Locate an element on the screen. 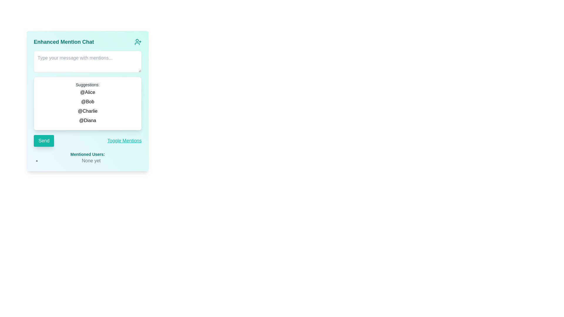  the Text Label located at the top left of the main panel, which indicates its functional purpose for enhanced mention-based communication is located at coordinates (64, 41).